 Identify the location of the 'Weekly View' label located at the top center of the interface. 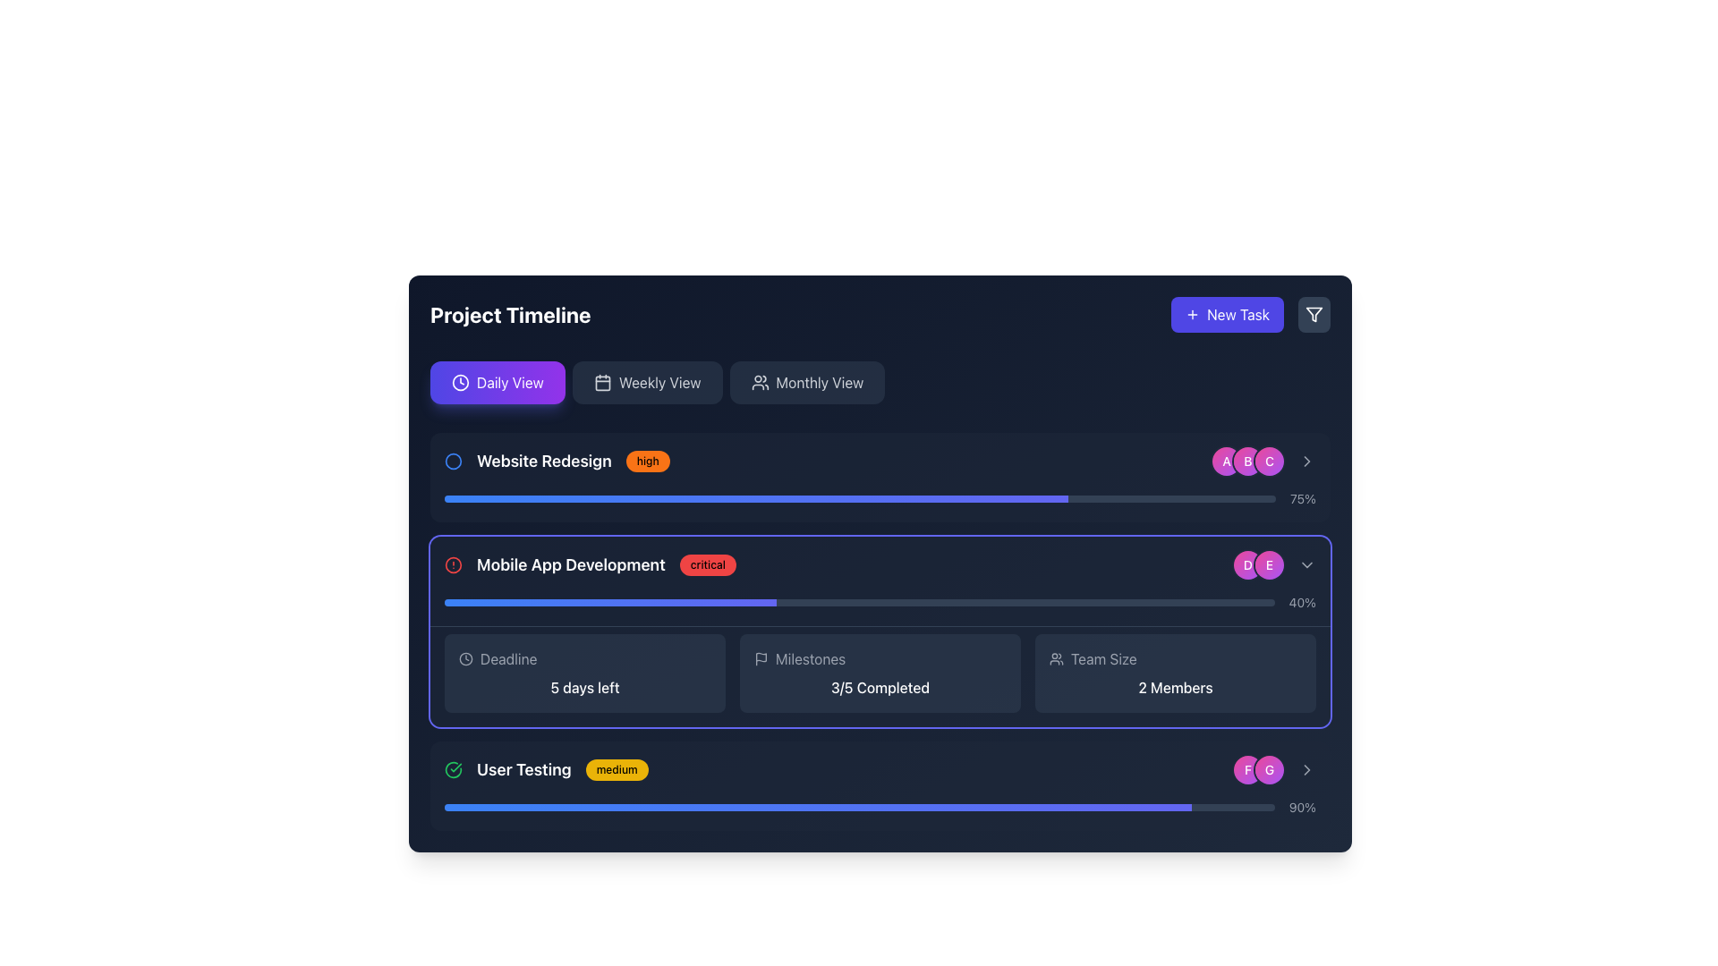
(659, 382).